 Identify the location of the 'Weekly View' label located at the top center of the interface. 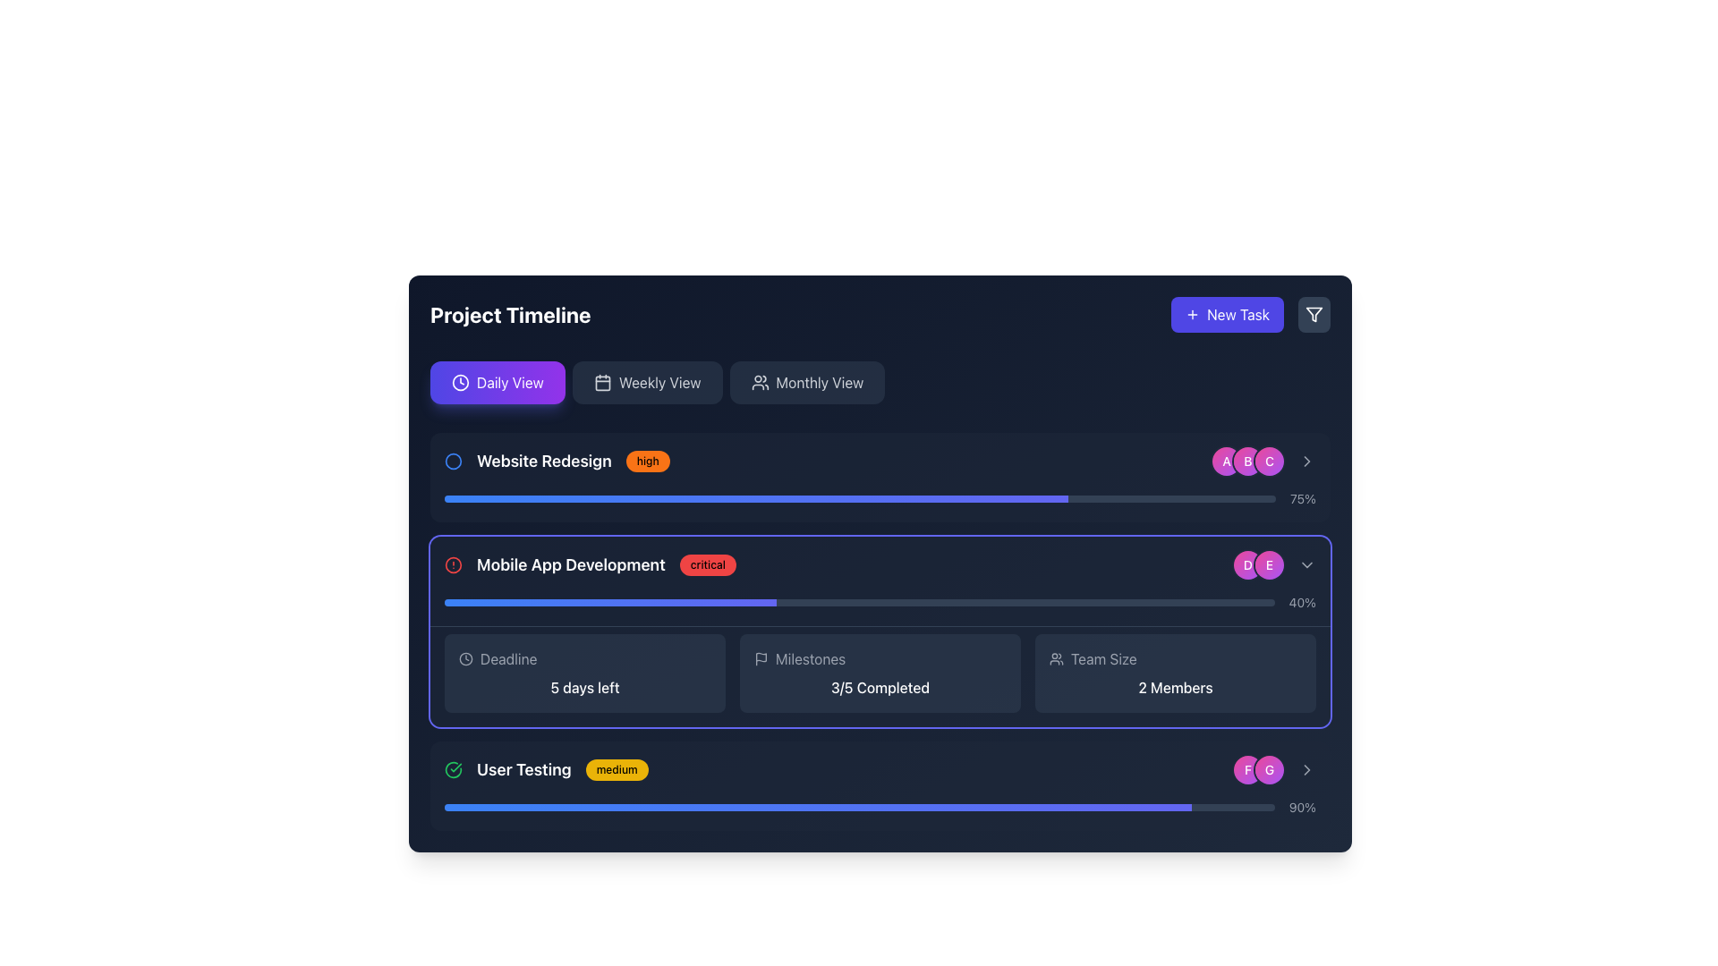
(659, 382).